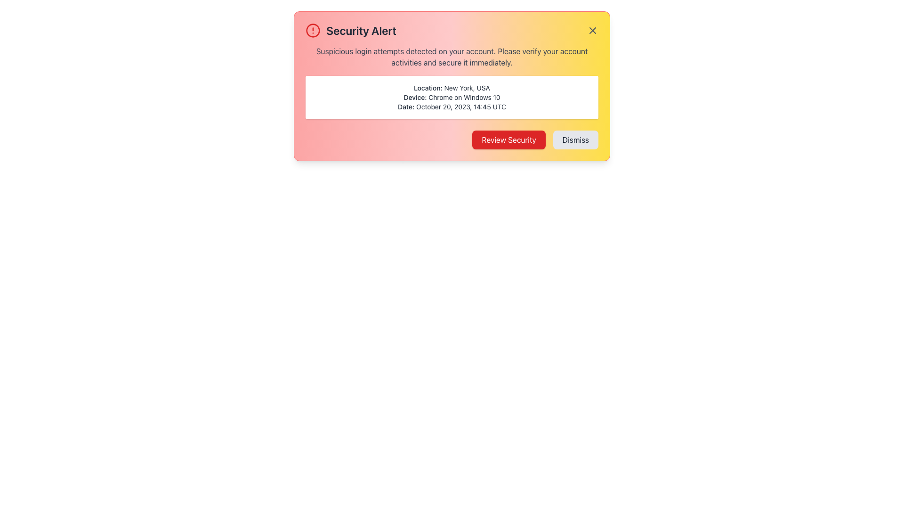 The width and height of the screenshot is (904, 509). What do you see at coordinates (361, 30) in the screenshot?
I see `prominently displayed text 'Security Alert' which is large, bold, and dark gray, located to the right of a red circular alert icon at the top-left corner of the notification card` at bounding box center [361, 30].